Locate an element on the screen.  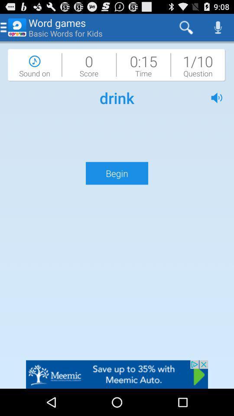
search icon is located at coordinates (186, 27).